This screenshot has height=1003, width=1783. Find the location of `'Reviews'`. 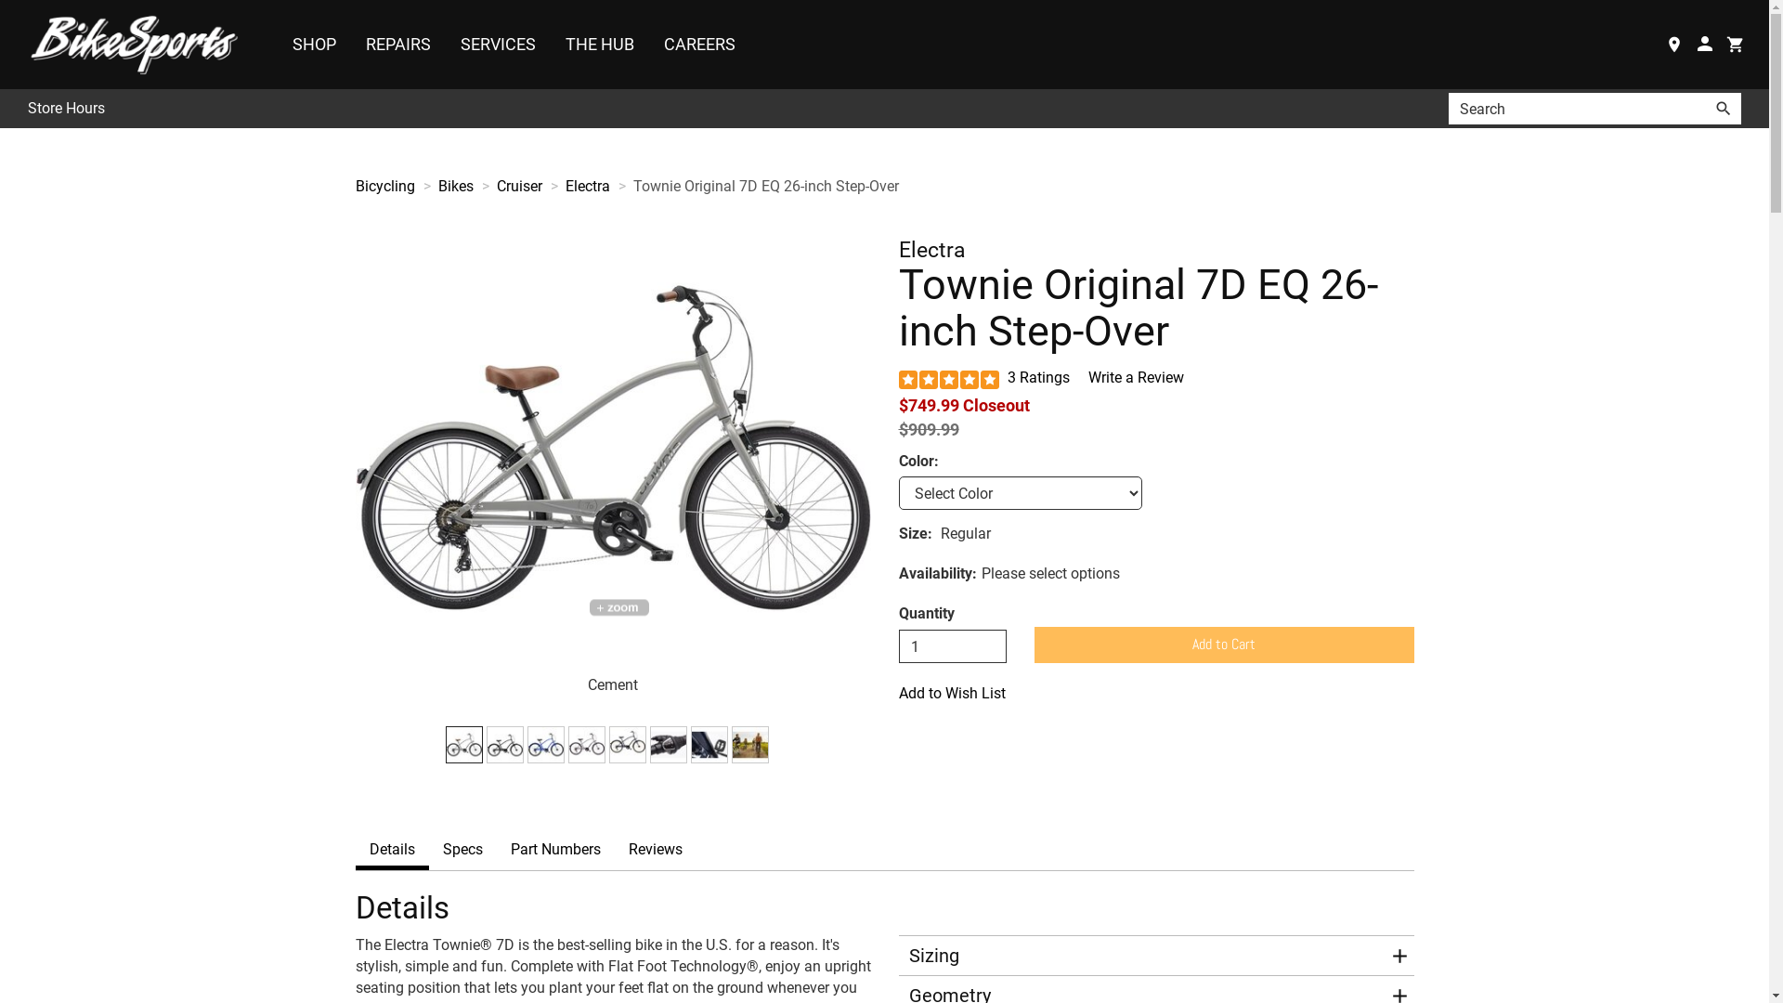

'Reviews' is located at coordinates (615, 850).